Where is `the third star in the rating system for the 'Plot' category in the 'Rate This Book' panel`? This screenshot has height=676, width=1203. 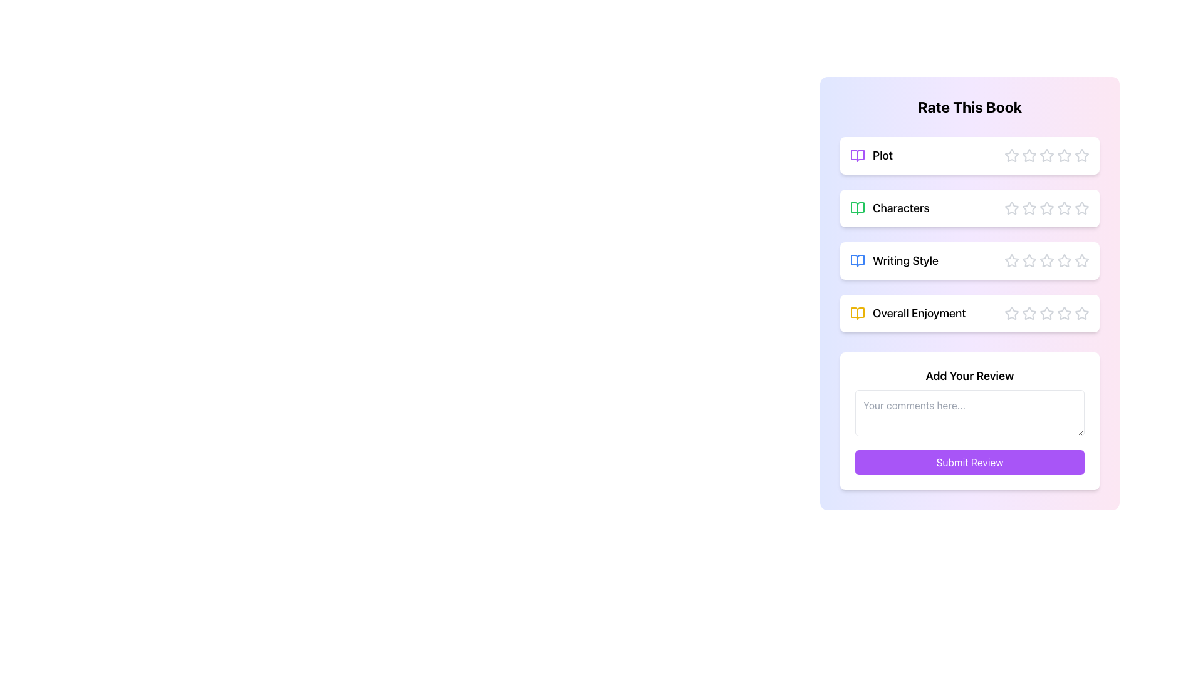
the third star in the rating system for the 'Plot' category in the 'Rate This Book' panel is located at coordinates (1046, 155).